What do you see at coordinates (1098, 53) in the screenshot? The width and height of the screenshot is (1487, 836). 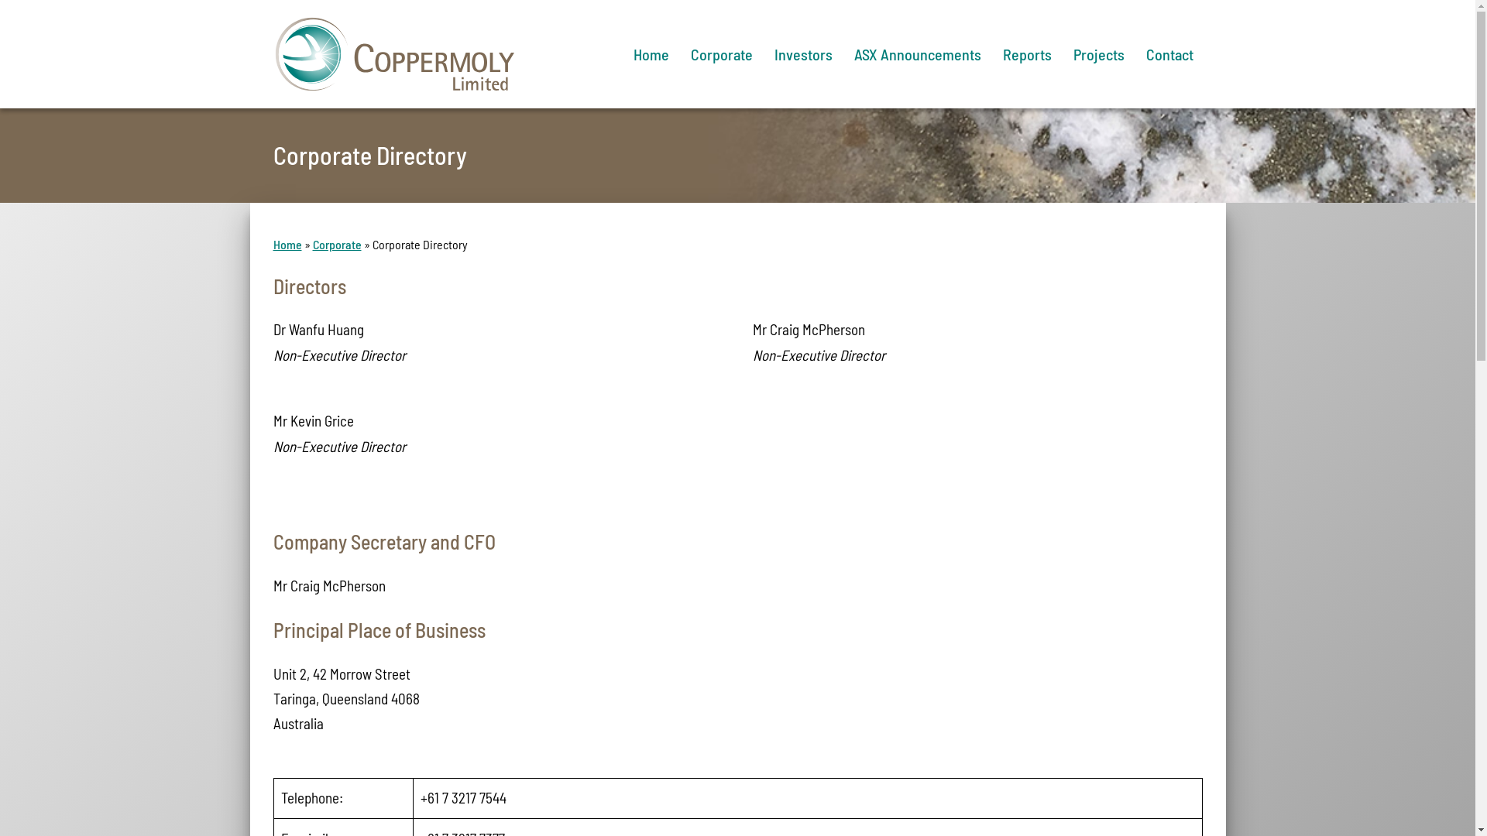 I see `'Projects'` at bounding box center [1098, 53].